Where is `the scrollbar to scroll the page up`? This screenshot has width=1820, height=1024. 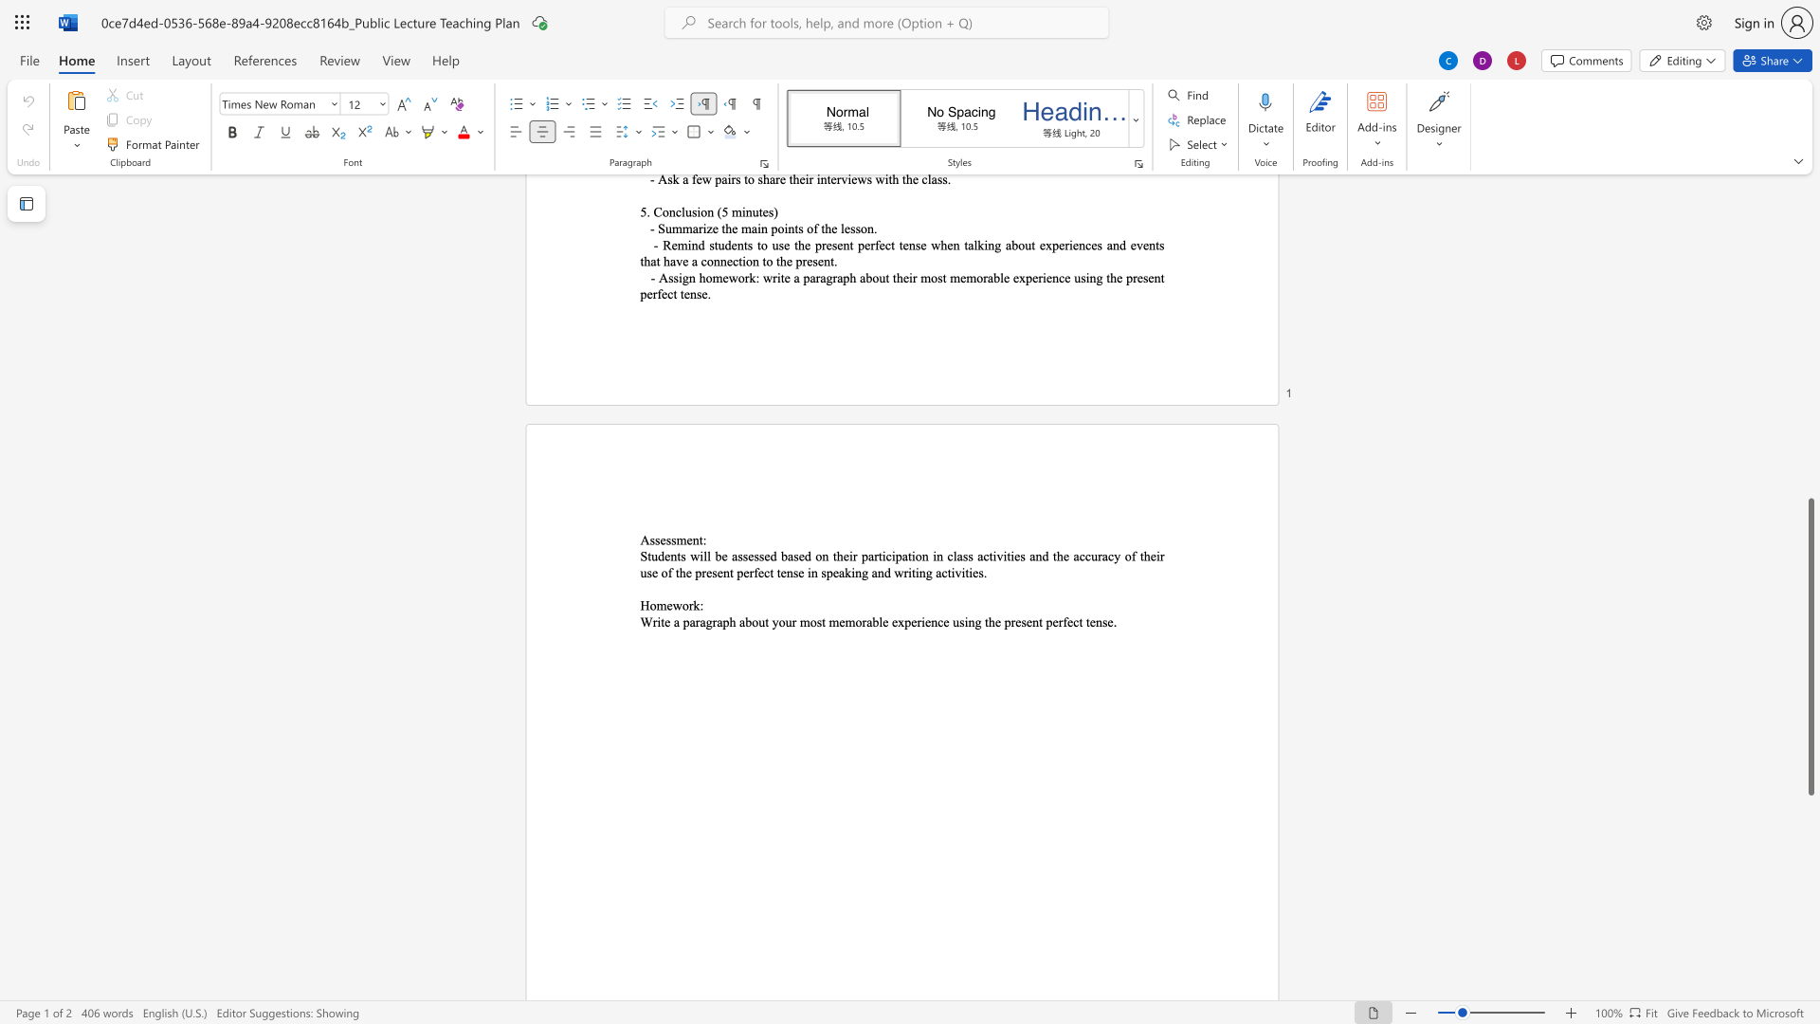 the scrollbar to scroll the page up is located at coordinates (1810, 339).